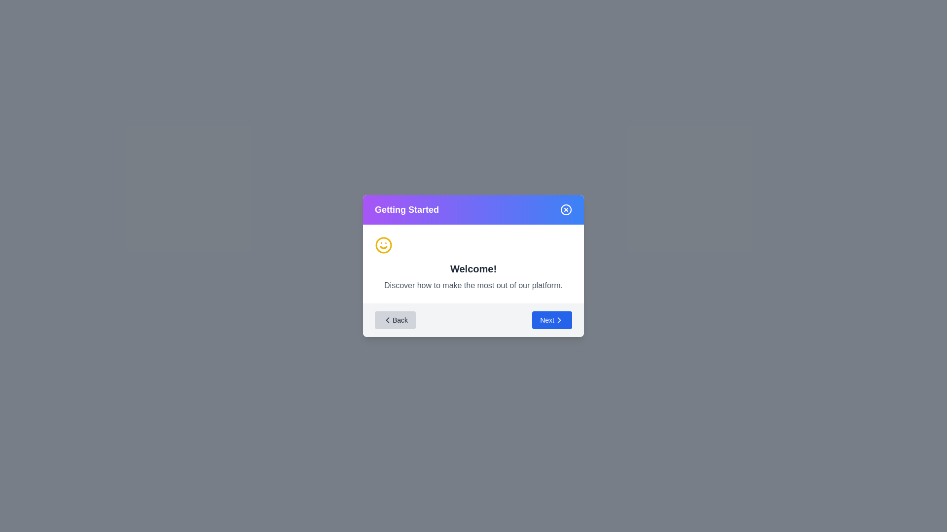 The image size is (947, 532). What do you see at coordinates (387, 320) in the screenshot?
I see `the 'Back' button icon located at the bottom-left of the dialog box, which visually represents going back to the previous step` at bounding box center [387, 320].